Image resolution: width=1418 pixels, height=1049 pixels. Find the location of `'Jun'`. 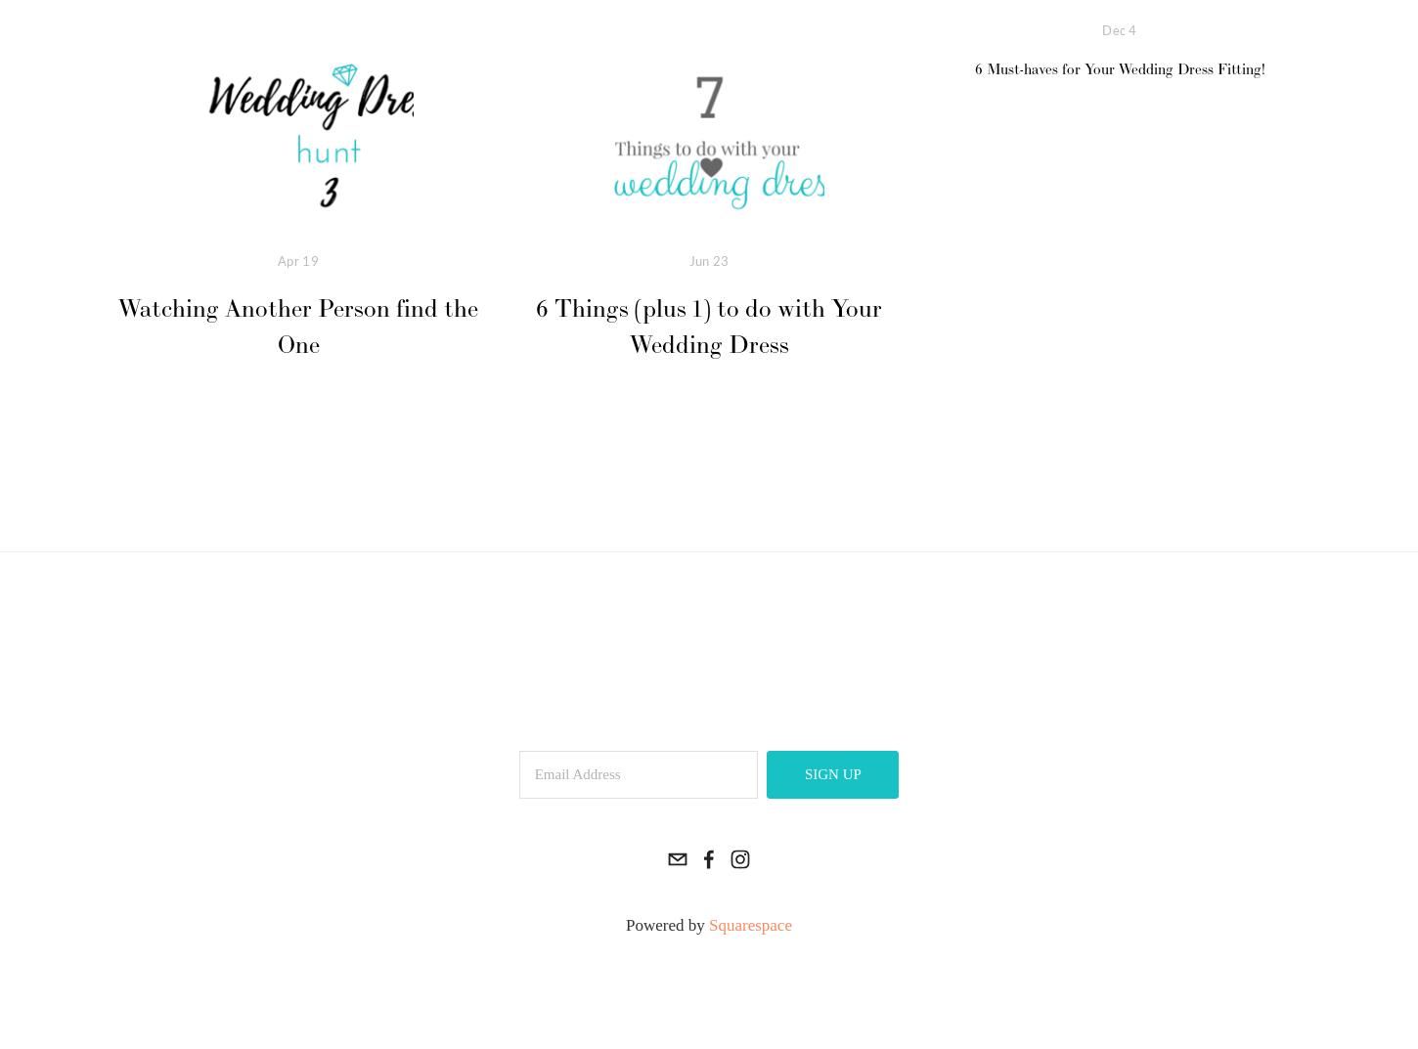

'Jun' is located at coordinates (699, 259).